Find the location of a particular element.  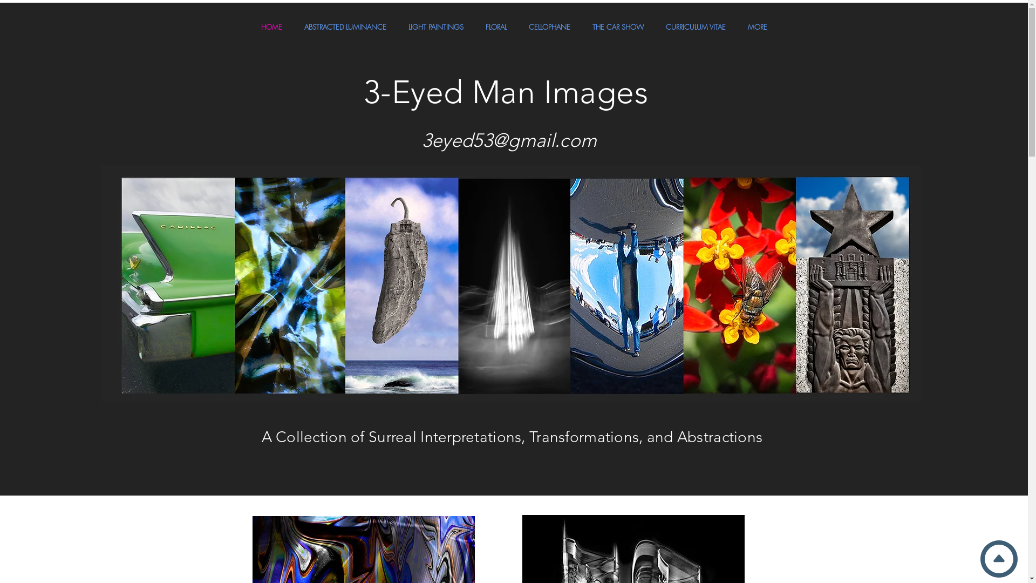

'CELLOPHANE' is located at coordinates (549, 26).